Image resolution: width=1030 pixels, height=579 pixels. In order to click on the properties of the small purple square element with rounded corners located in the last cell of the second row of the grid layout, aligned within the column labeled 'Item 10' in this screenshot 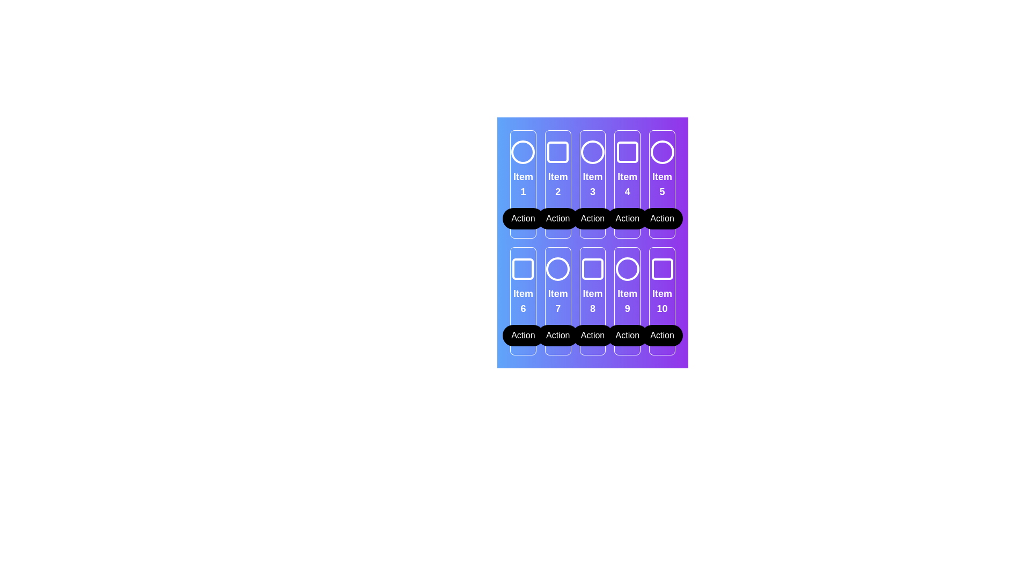, I will do `click(661, 268)`.